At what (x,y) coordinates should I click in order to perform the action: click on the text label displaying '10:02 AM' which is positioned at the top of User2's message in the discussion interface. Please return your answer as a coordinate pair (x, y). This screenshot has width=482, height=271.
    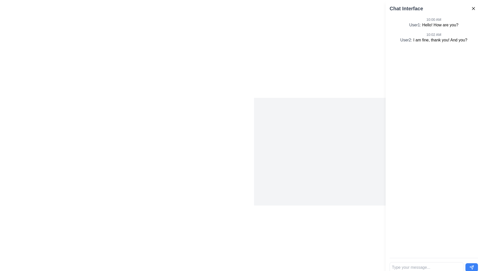
    Looking at the image, I should click on (434, 34).